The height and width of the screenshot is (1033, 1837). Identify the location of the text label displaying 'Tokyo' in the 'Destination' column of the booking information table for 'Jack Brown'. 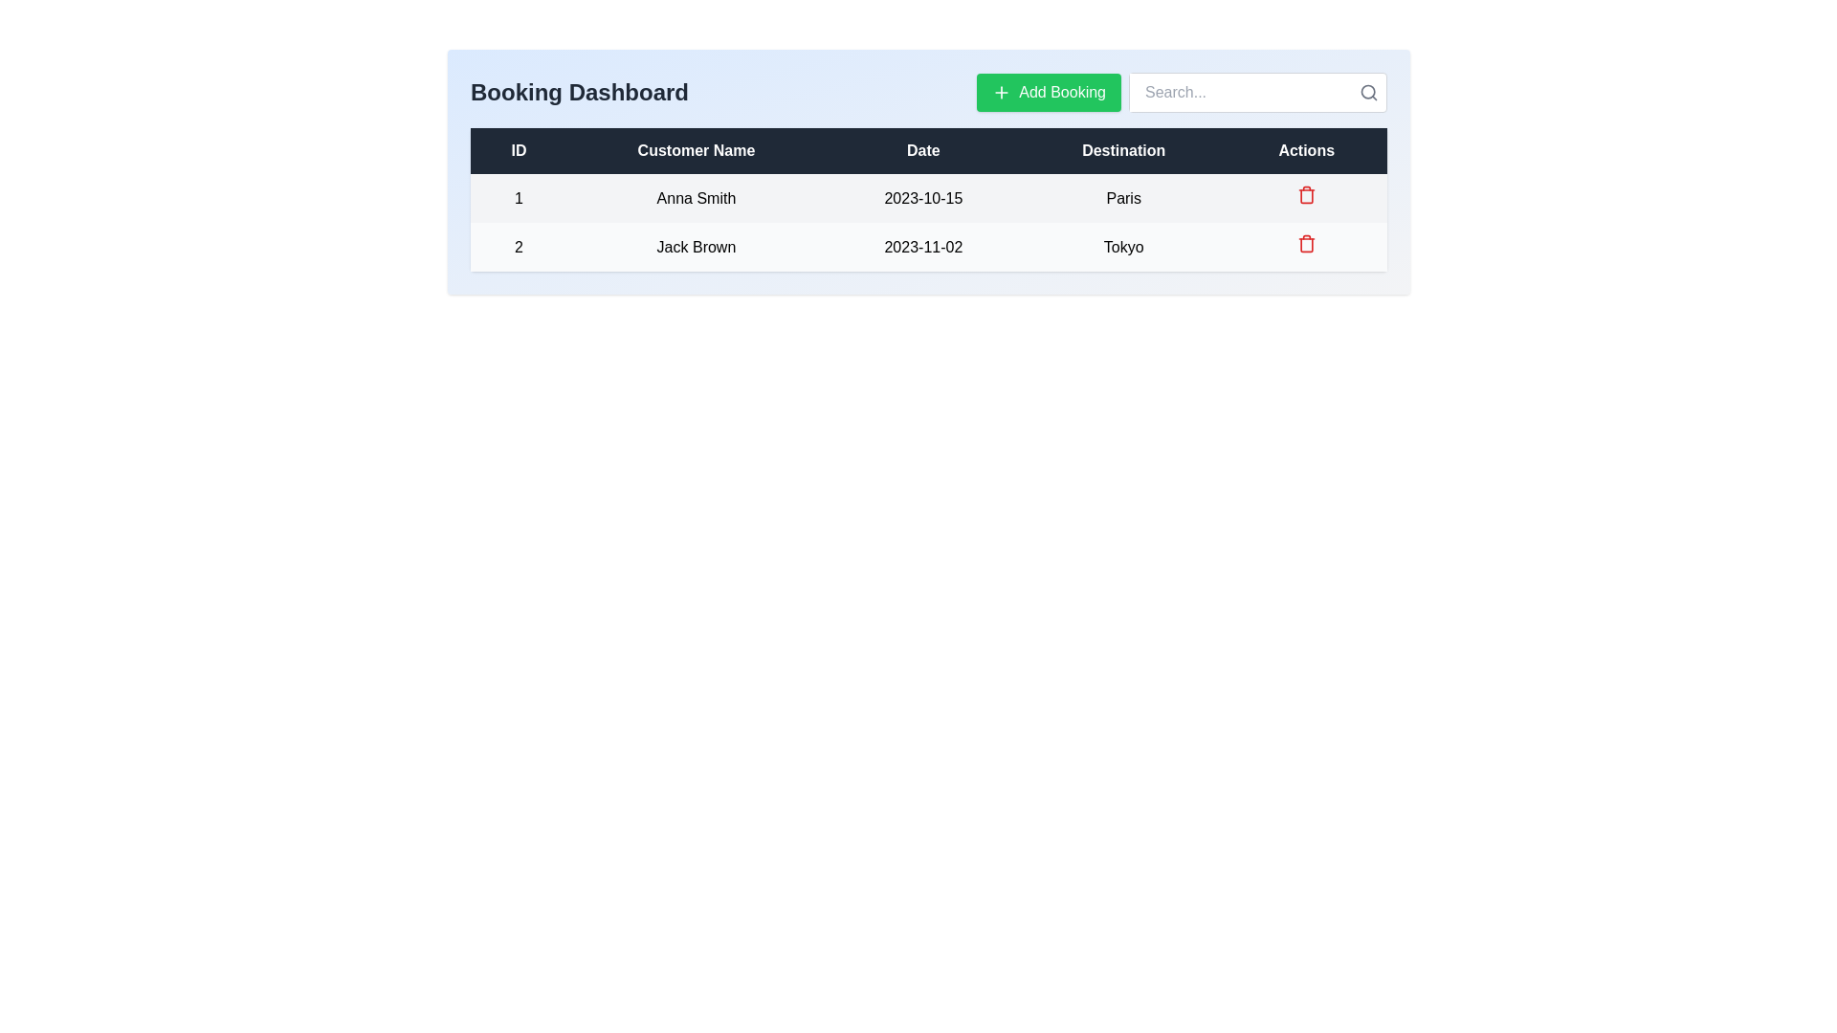
(1123, 246).